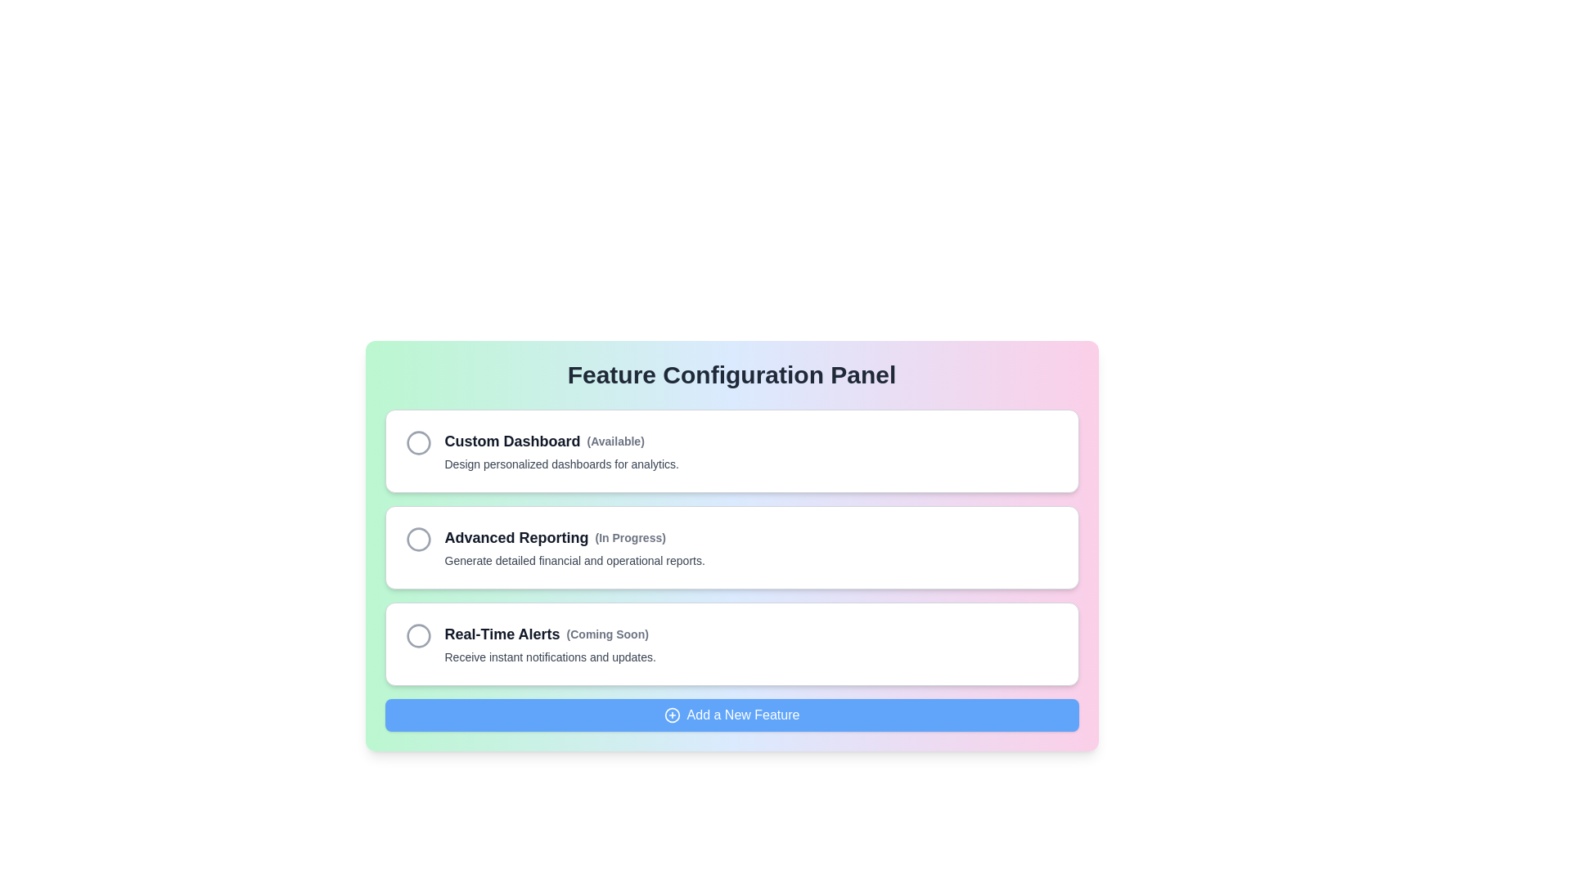 The height and width of the screenshot is (883, 1571). Describe the element at coordinates (731, 545) in the screenshot. I see `contents of the 'Advanced Reporting' feature status panel, which is the second item in the 'Feature Configuration Panel' located below 'Custom Dashboard' and above 'Real-Time Alerts'` at that location.